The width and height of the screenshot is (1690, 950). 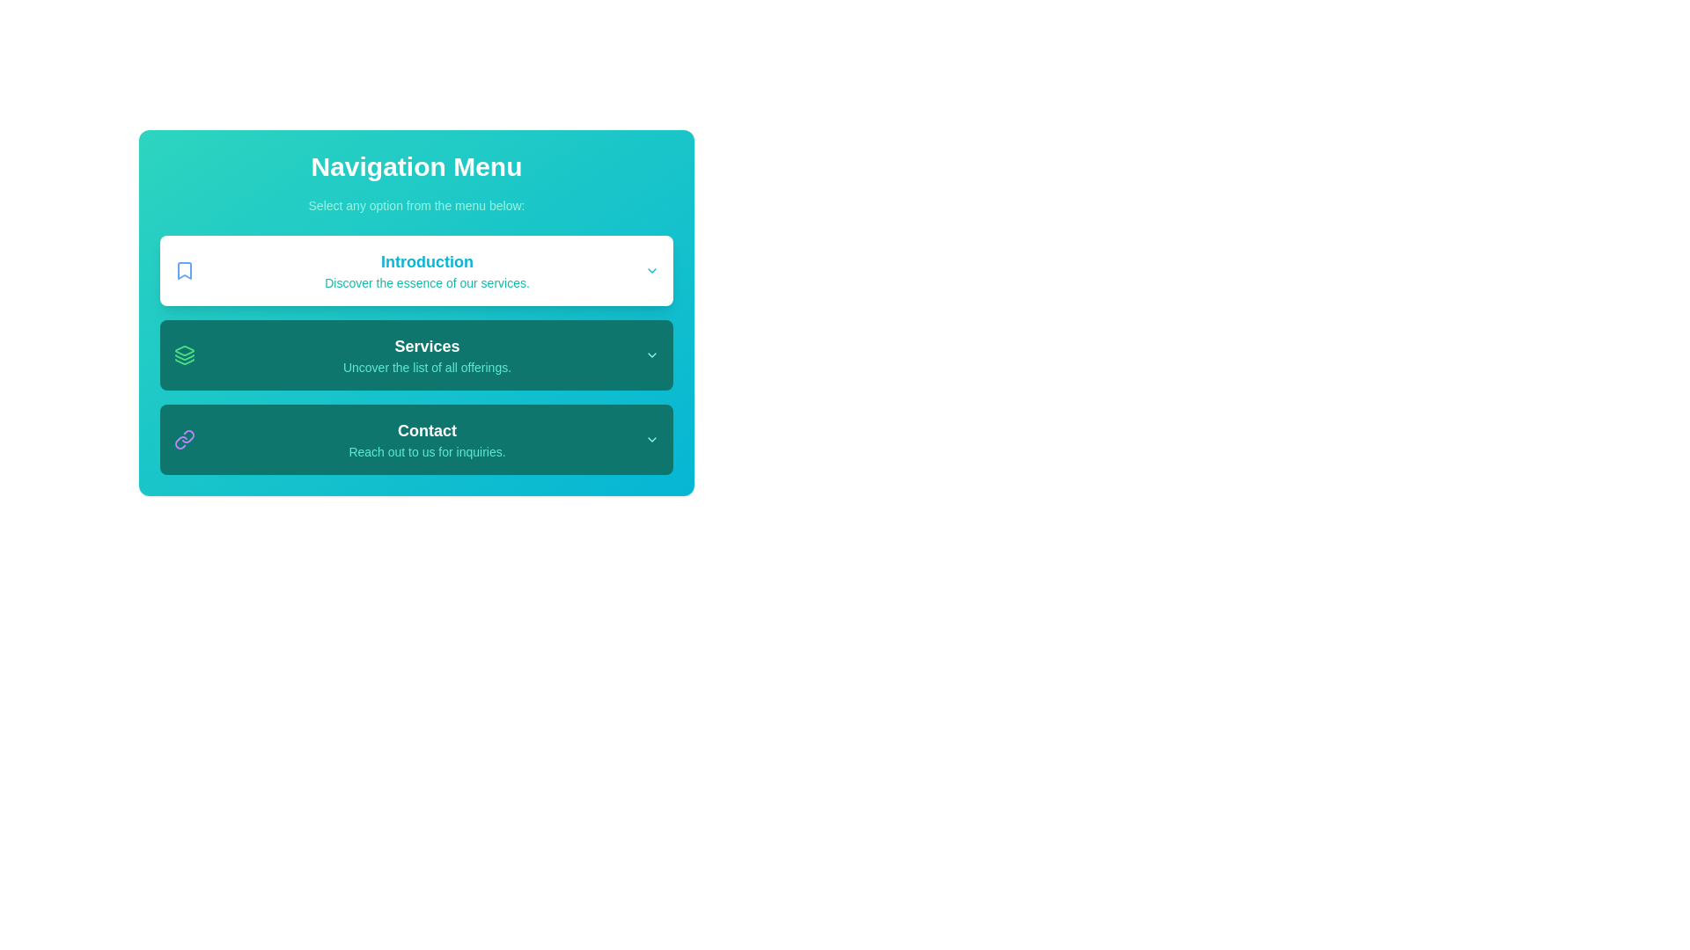 What do you see at coordinates (415, 439) in the screenshot?
I see `the header 'Contact' in the interactive navigation option with a teal background` at bounding box center [415, 439].